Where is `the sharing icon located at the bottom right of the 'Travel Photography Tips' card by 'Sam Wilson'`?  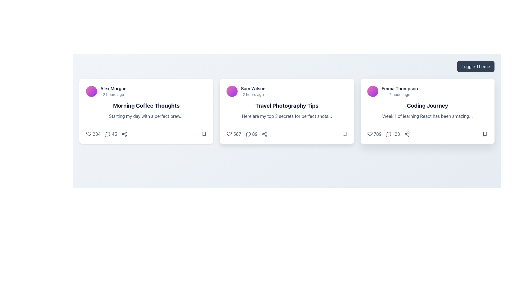 the sharing icon located at the bottom right of the 'Travel Photography Tips' card by 'Sam Wilson' is located at coordinates (264, 134).